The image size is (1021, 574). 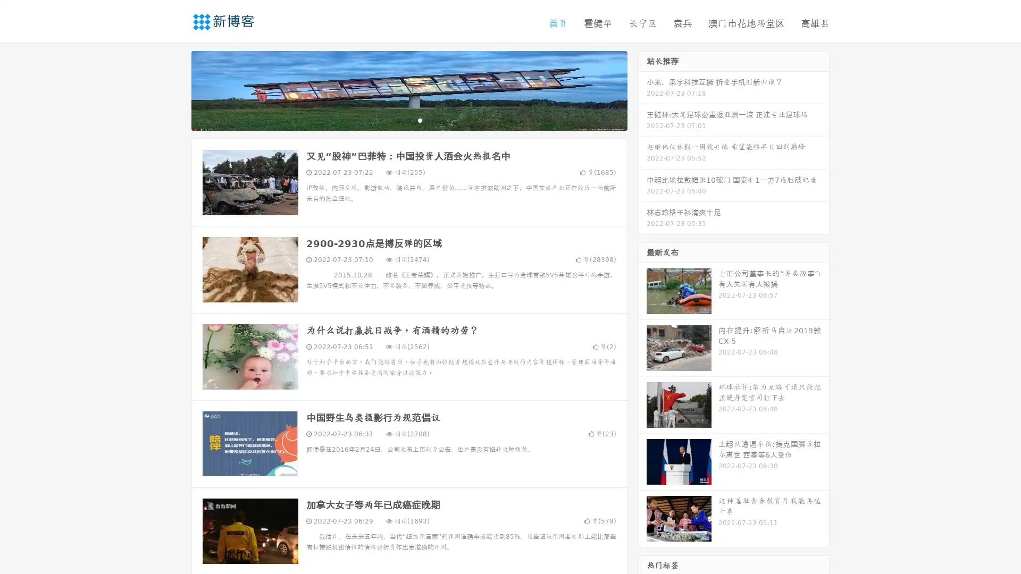 What do you see at coordinates (175, 89) in the screenshot?
I see `Previous slide` at bounding box center [175, 89].